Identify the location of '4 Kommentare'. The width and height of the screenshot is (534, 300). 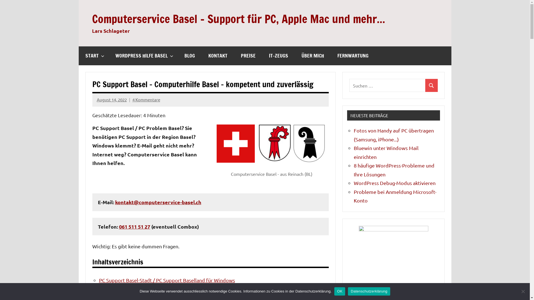
(146, 99).